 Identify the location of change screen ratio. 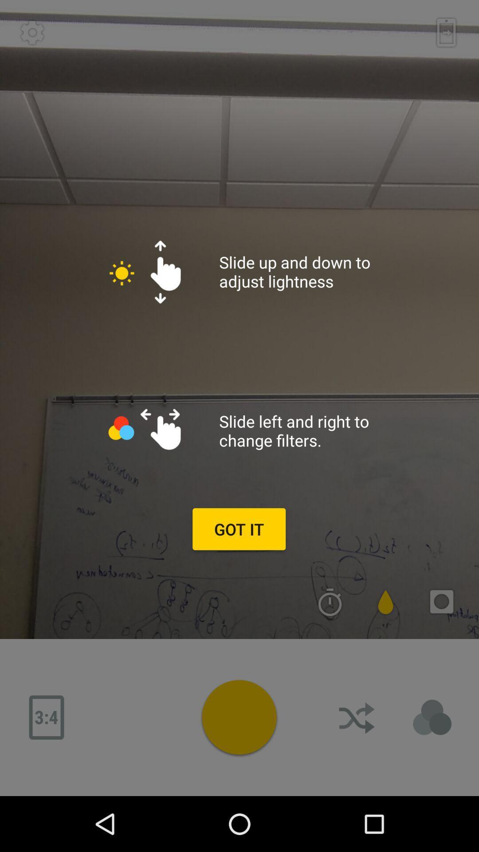
(46, 718).